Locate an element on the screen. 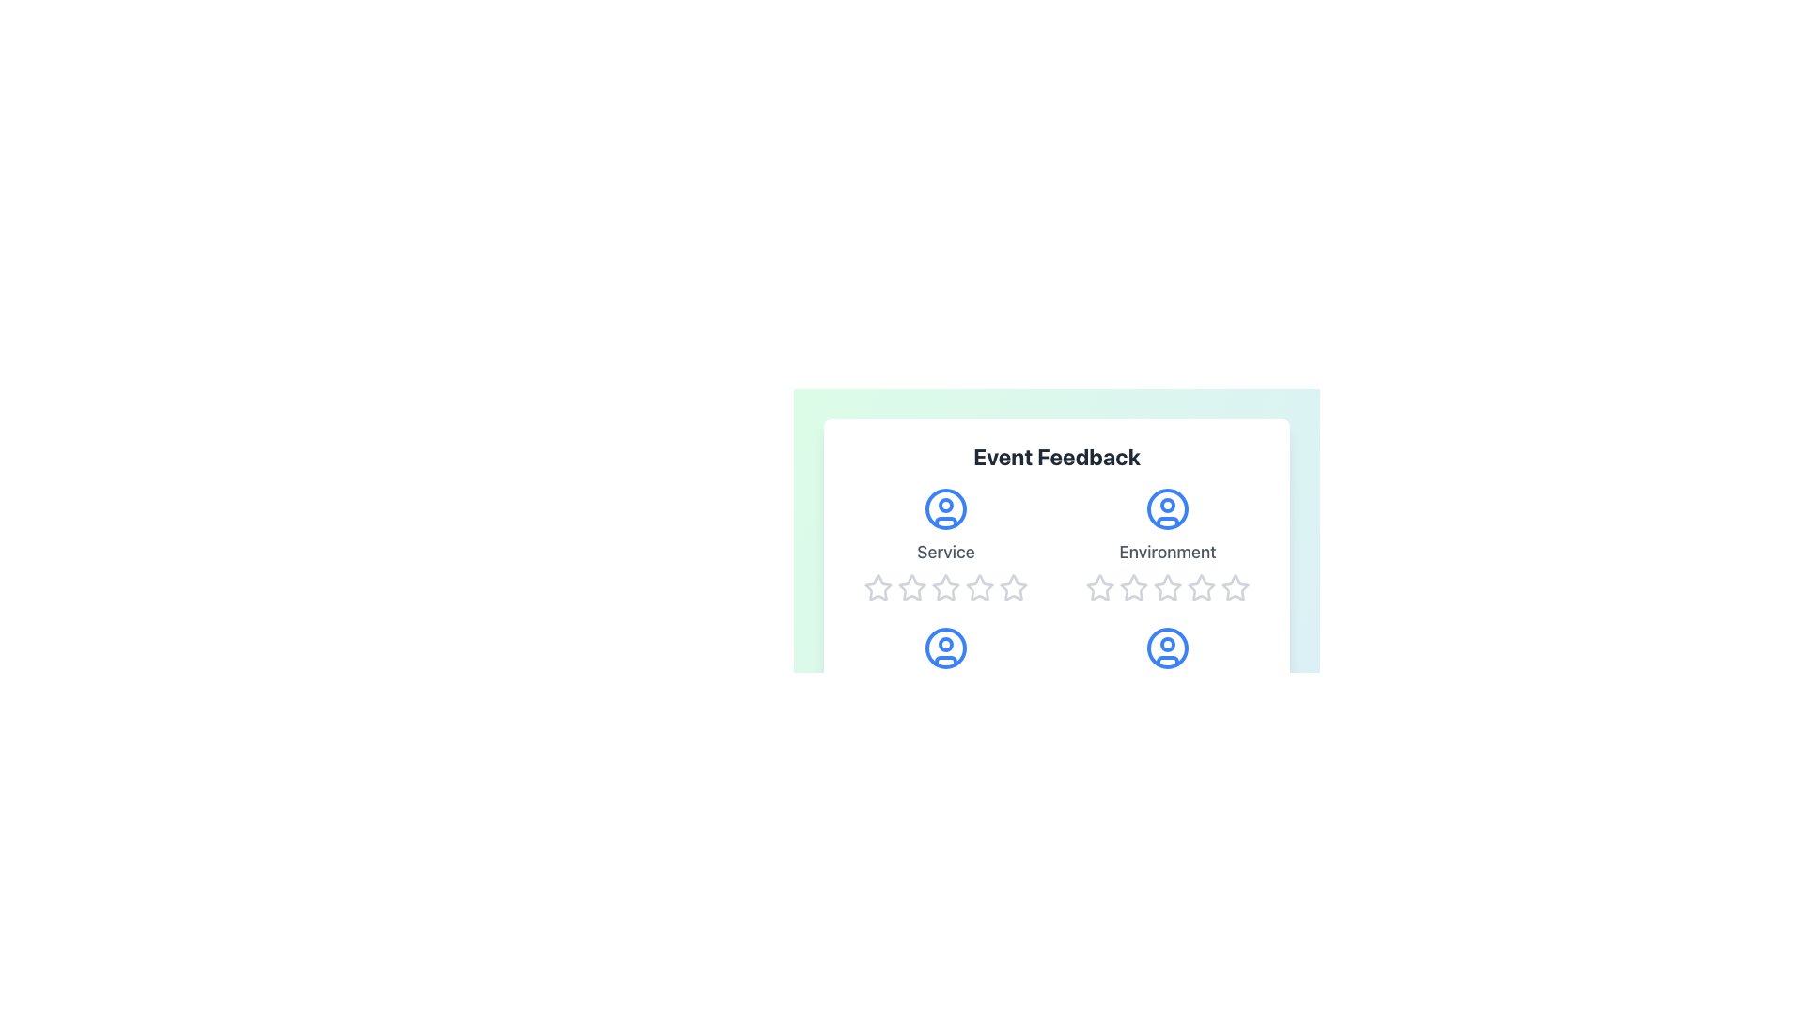 The width and height of the screenshot is (1804, 1015). the fifth hollow gray star icon for rating under the 'Environment' feedback category is located at coordinates (1236, 586).